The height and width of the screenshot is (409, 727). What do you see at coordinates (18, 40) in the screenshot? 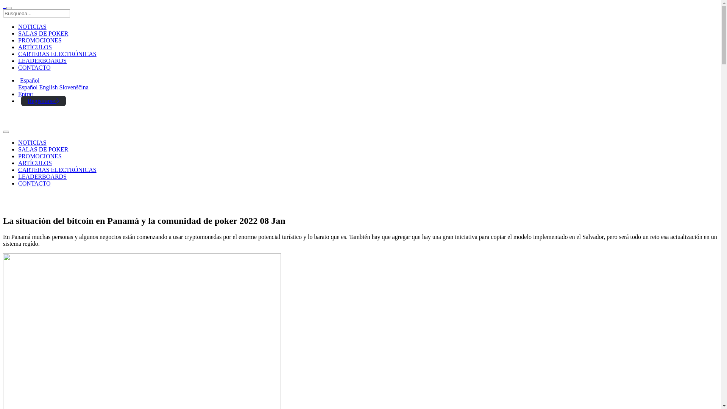
I see `'PROMOCIONES'` at bounding box center [18, 40].